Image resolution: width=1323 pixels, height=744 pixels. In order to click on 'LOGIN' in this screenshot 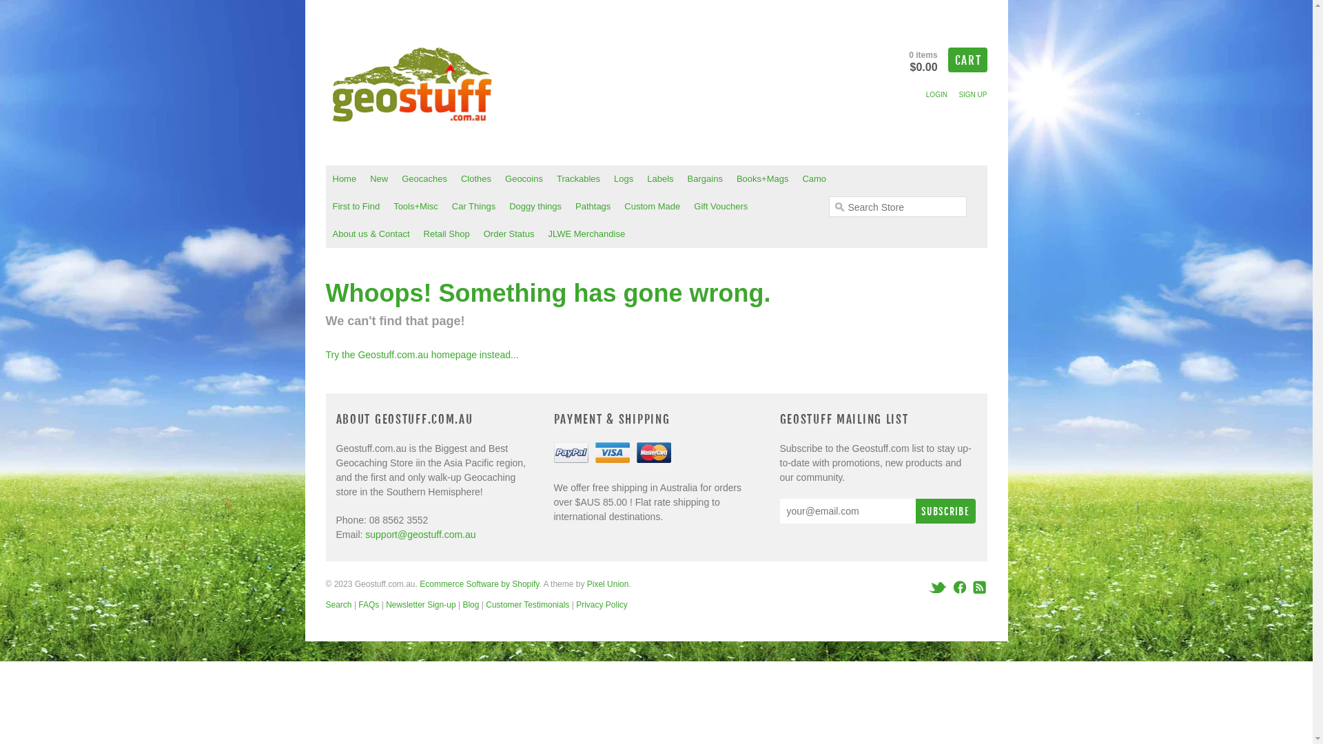, I will do `click(936, 94)`.